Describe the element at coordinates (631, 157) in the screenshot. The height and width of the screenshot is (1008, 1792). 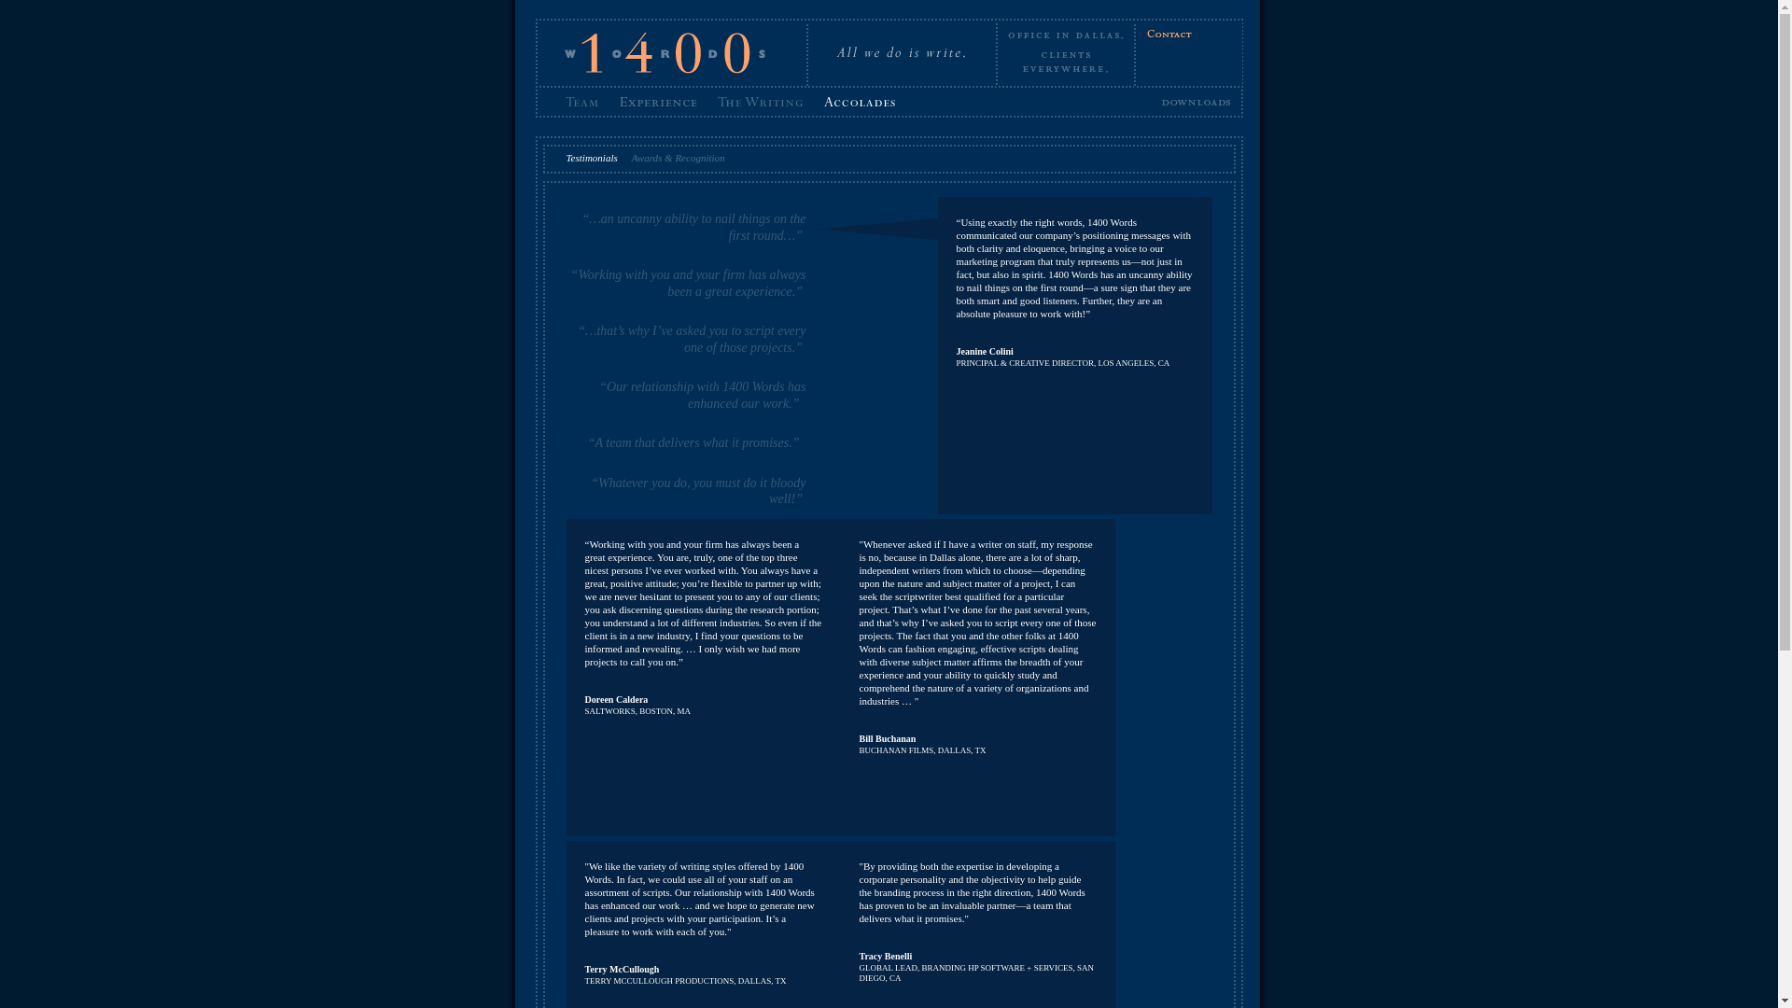
I see `'Awards & Recognition'` at that location.